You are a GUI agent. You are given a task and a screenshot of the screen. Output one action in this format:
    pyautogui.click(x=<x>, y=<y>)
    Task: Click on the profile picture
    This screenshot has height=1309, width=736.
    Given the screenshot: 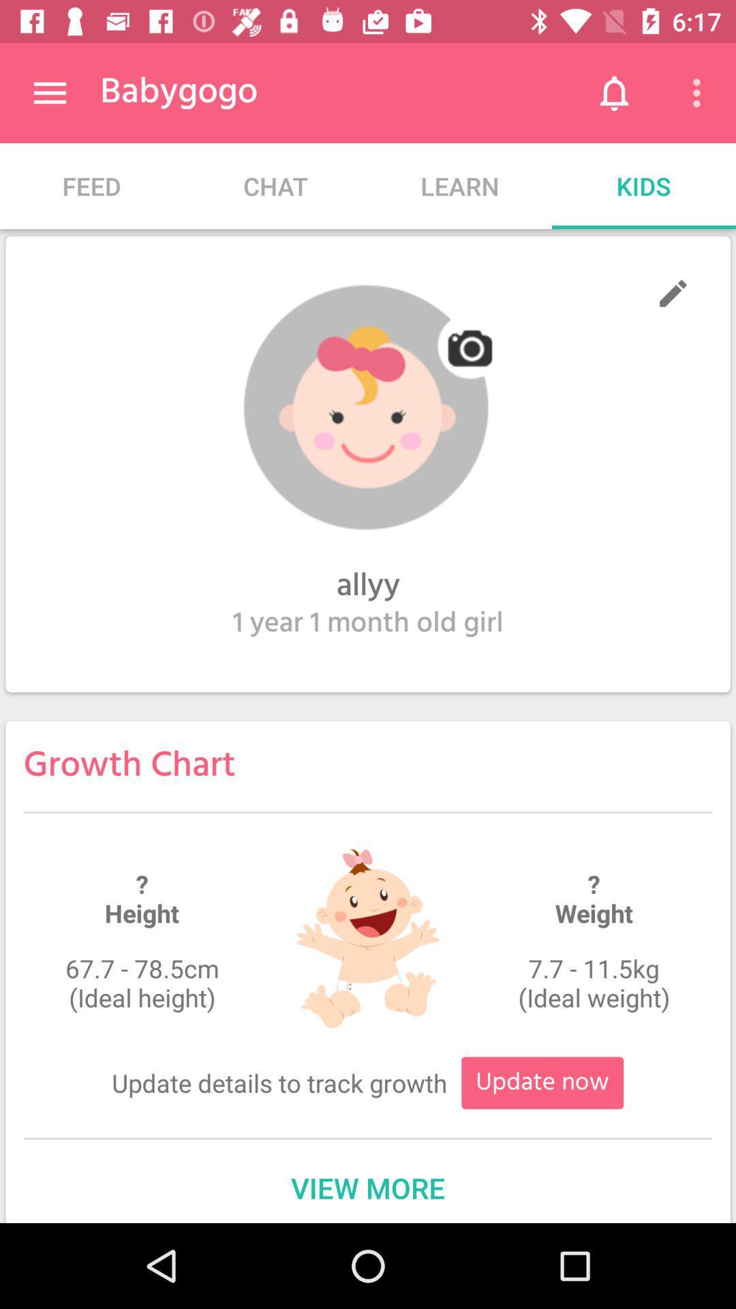 What is the action you would take?
    pyautogui.click(x=368, y=407)
    